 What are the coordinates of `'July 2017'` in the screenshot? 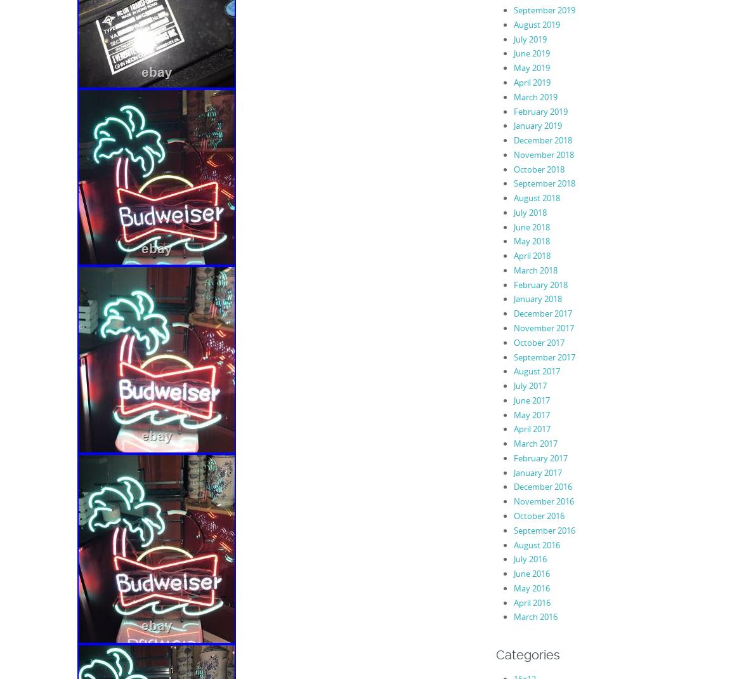 It's located at (529, 385).